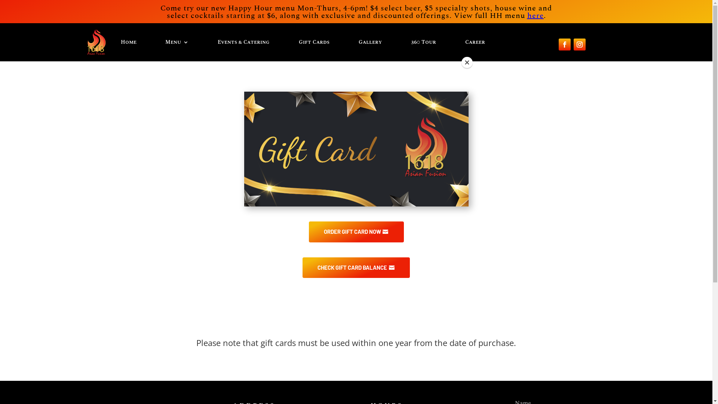 The width and height of the screenshot is (718, 404). What do you see at coordinates (128, 42) in the screenshot?
I see `'Home'` at bounding box center [128, 42].